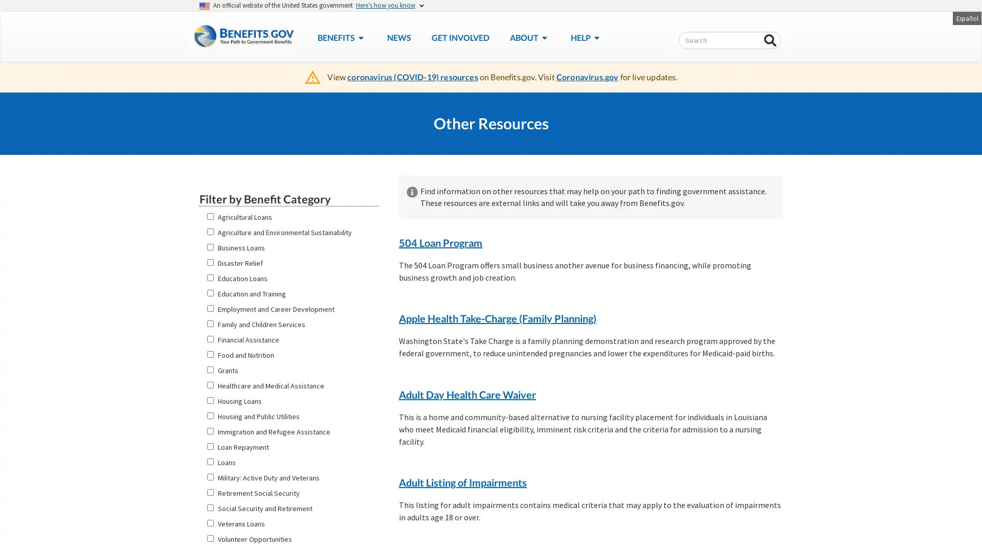 The height and width of the screenshot is (552, 982). I want to click on Espanol, so click(966, 17).